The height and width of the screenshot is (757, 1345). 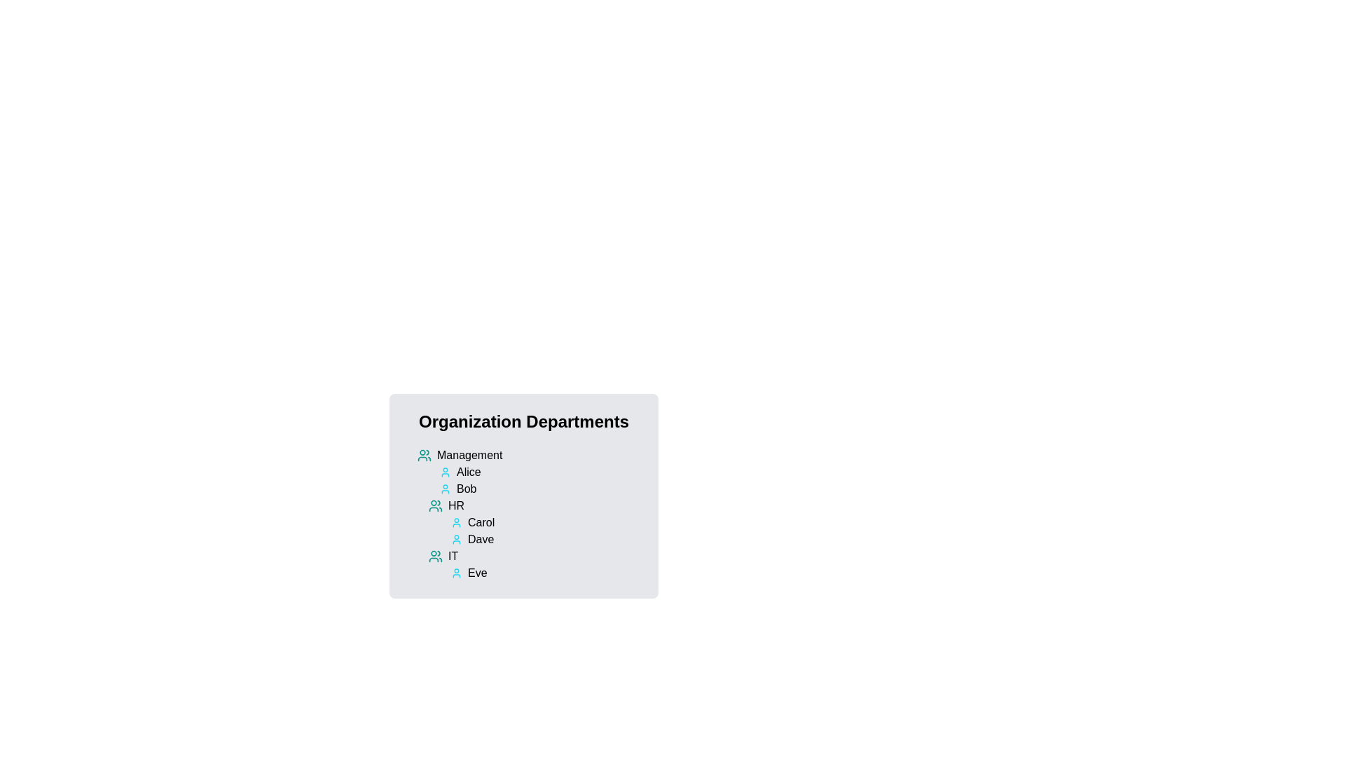 I want to click on the visual representation of 'Eve' in the 'IT' department within the 'Organization Departments' list, located at the bottom of the IT section, so click(x=545, y=573).